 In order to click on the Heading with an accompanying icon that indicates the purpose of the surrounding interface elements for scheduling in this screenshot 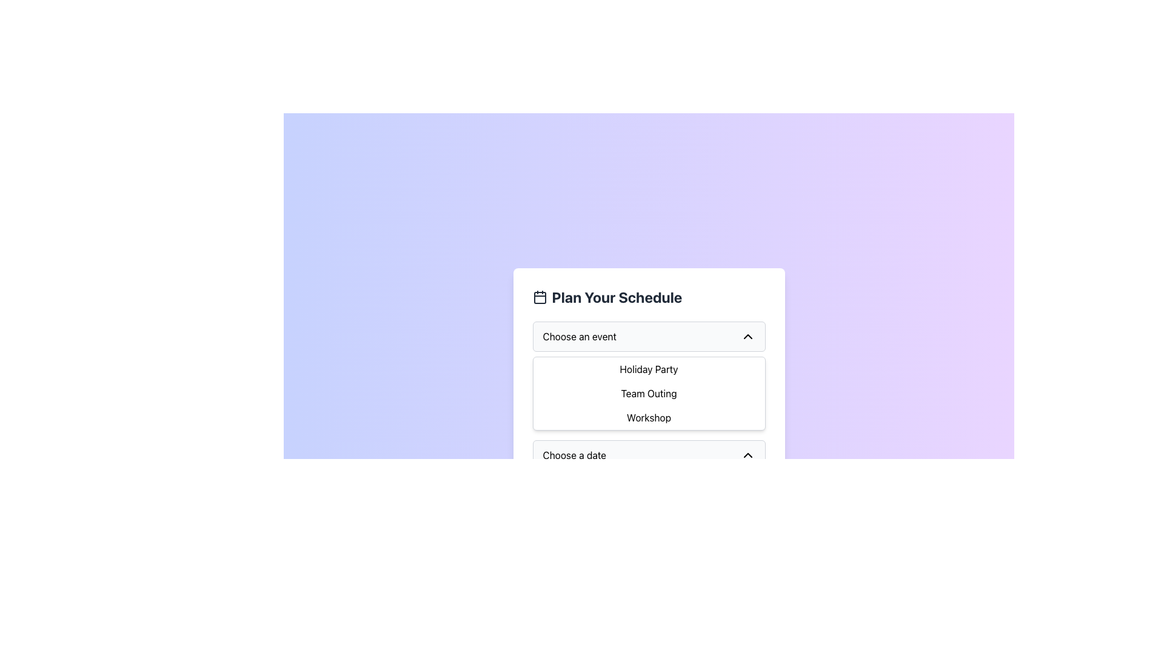, I will do `click(648, 297)`.